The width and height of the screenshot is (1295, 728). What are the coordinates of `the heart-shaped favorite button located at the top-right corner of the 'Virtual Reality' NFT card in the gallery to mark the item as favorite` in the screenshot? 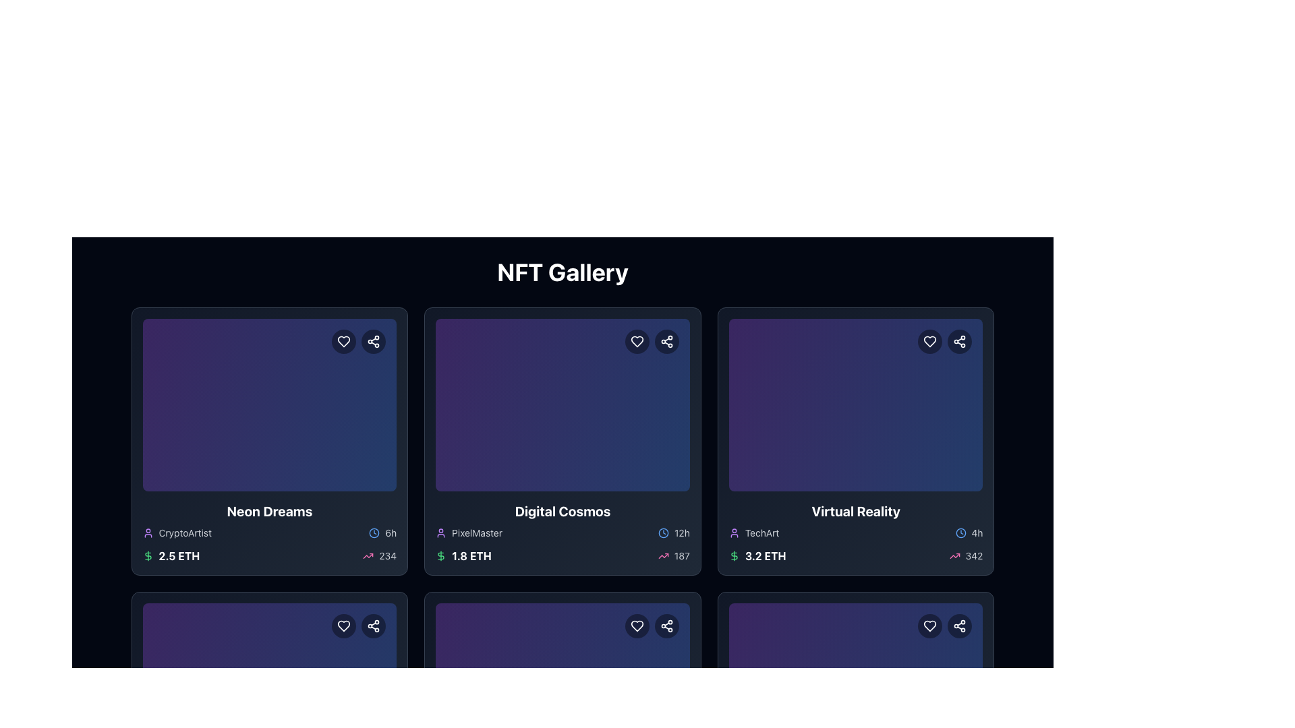 It's located at (929, 626).